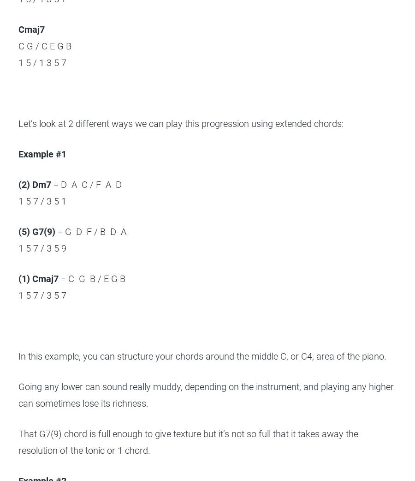 Image resolution: width=415 pixels, height=481 pixels. Describe the element at coordinates (44, 46) in the screenshot. I see `'C G / C E G B'` at that location.